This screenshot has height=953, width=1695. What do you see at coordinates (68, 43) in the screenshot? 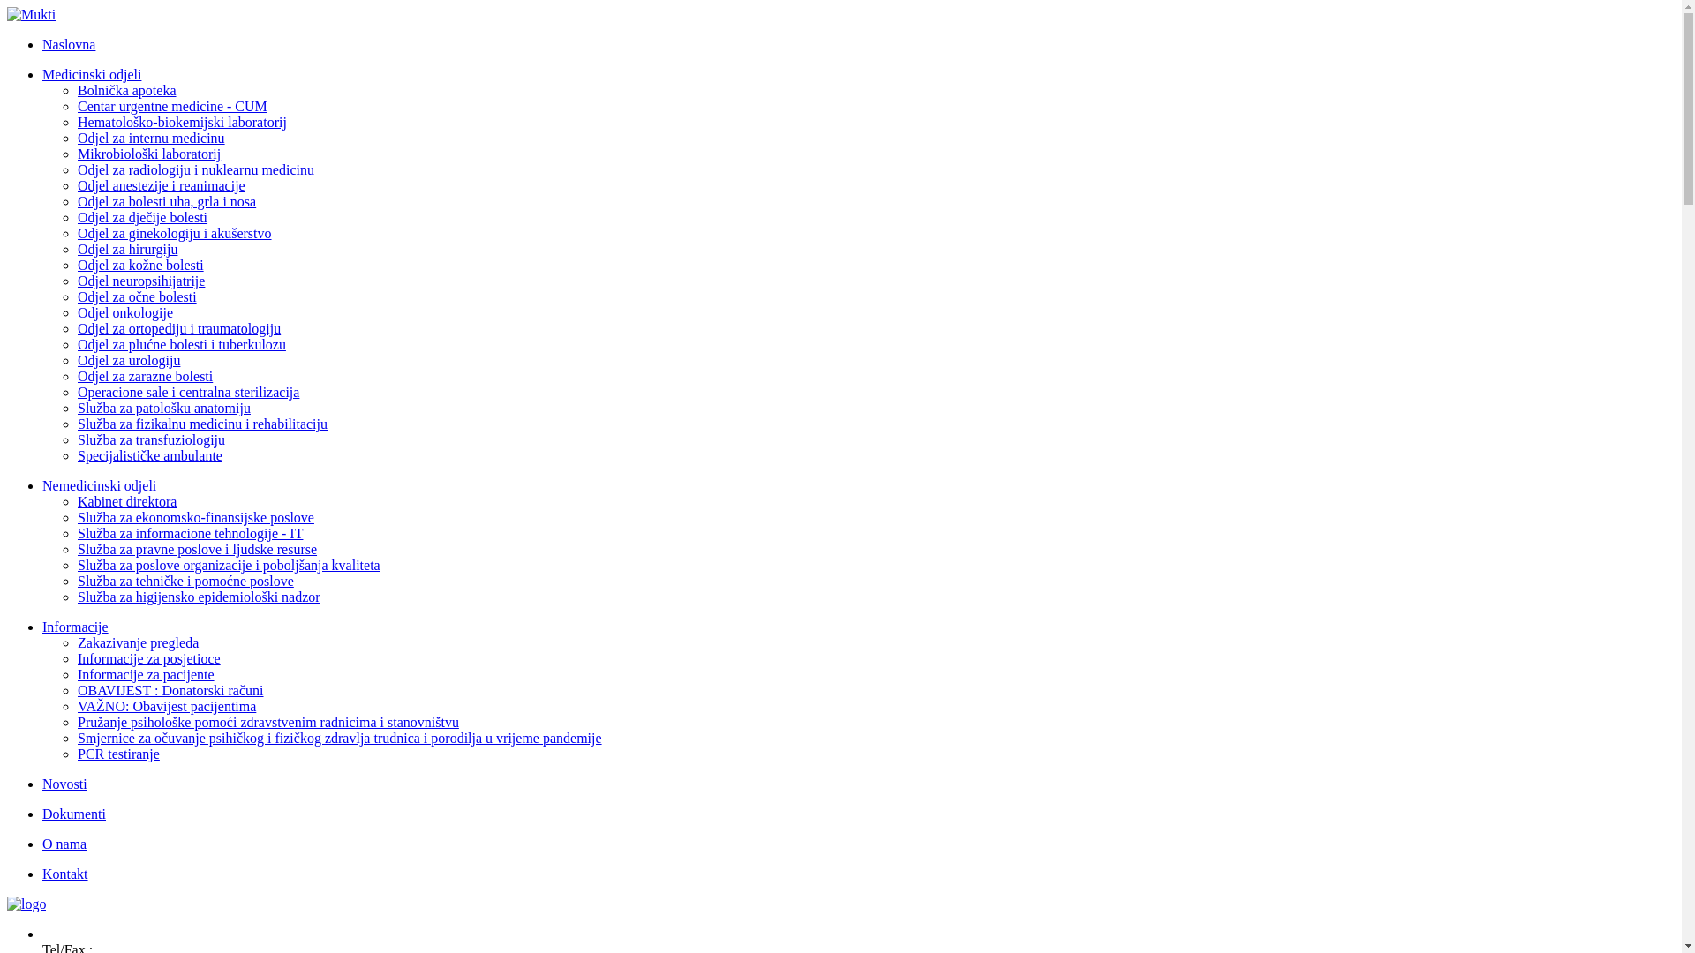
I see `'Naslovna'` at bounding box center [68, 43].